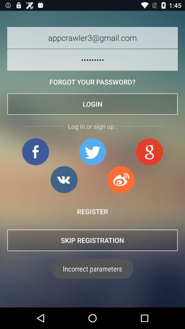  What do you see at coordinates (149, 151) in the screenshot?
I see `google option` at bounding box center [149, 151].